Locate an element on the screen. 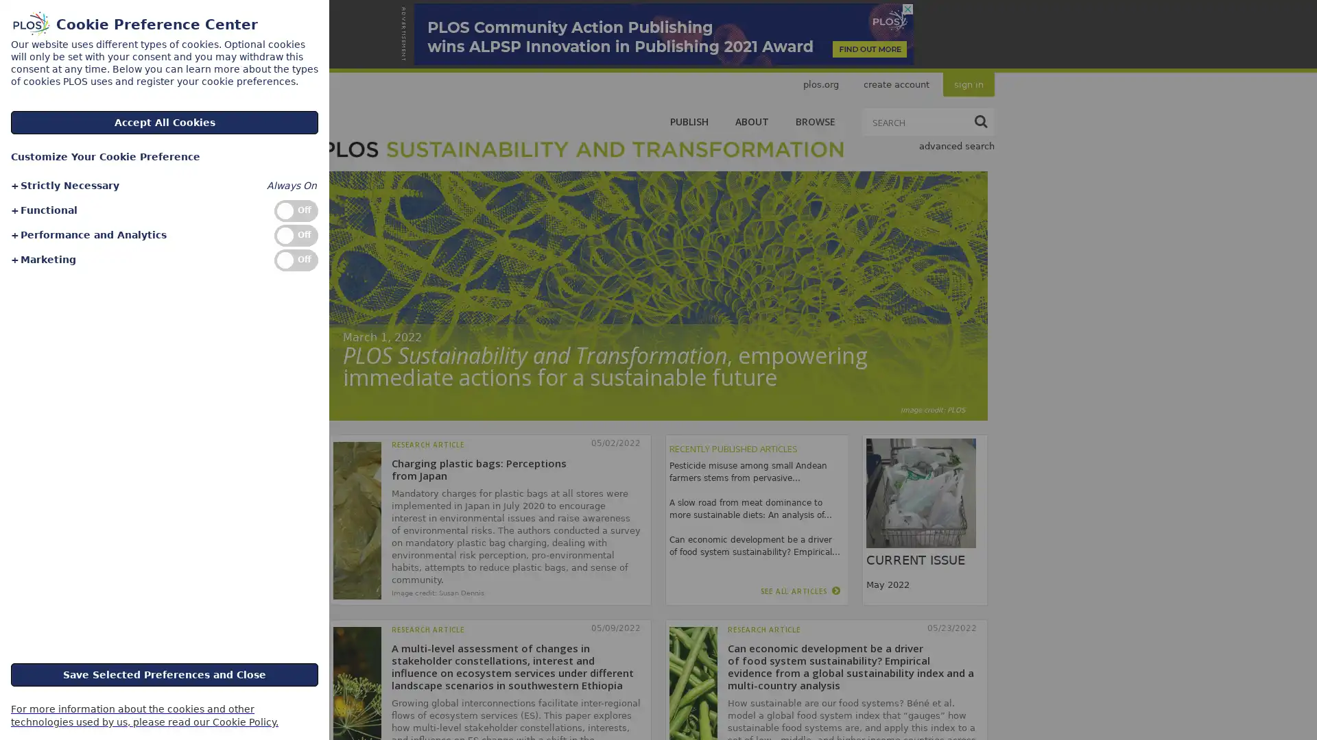 The width and height of the screenshot is (1317, 740). Toggle explanation of Marketing Cookies. is located at coordinates (43, 260).